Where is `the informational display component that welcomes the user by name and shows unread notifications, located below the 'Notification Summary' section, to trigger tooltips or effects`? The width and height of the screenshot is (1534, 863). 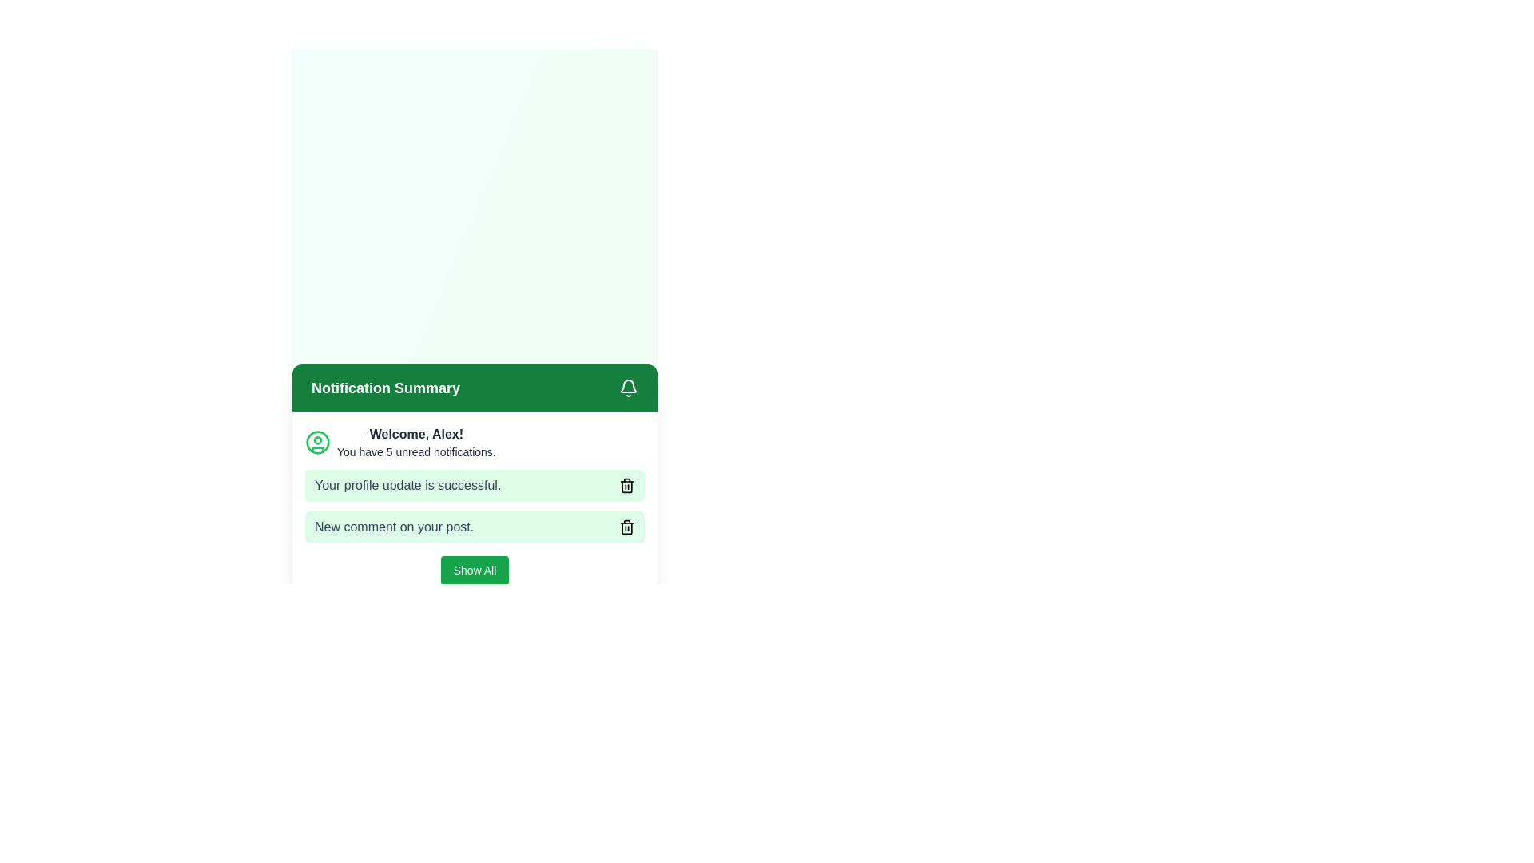
the informational display component that welcomes the user by name and shows unread notifications, located below the 'Notification Summary' section, to trigger tooltips or effects is located at coordinates (474, 443).